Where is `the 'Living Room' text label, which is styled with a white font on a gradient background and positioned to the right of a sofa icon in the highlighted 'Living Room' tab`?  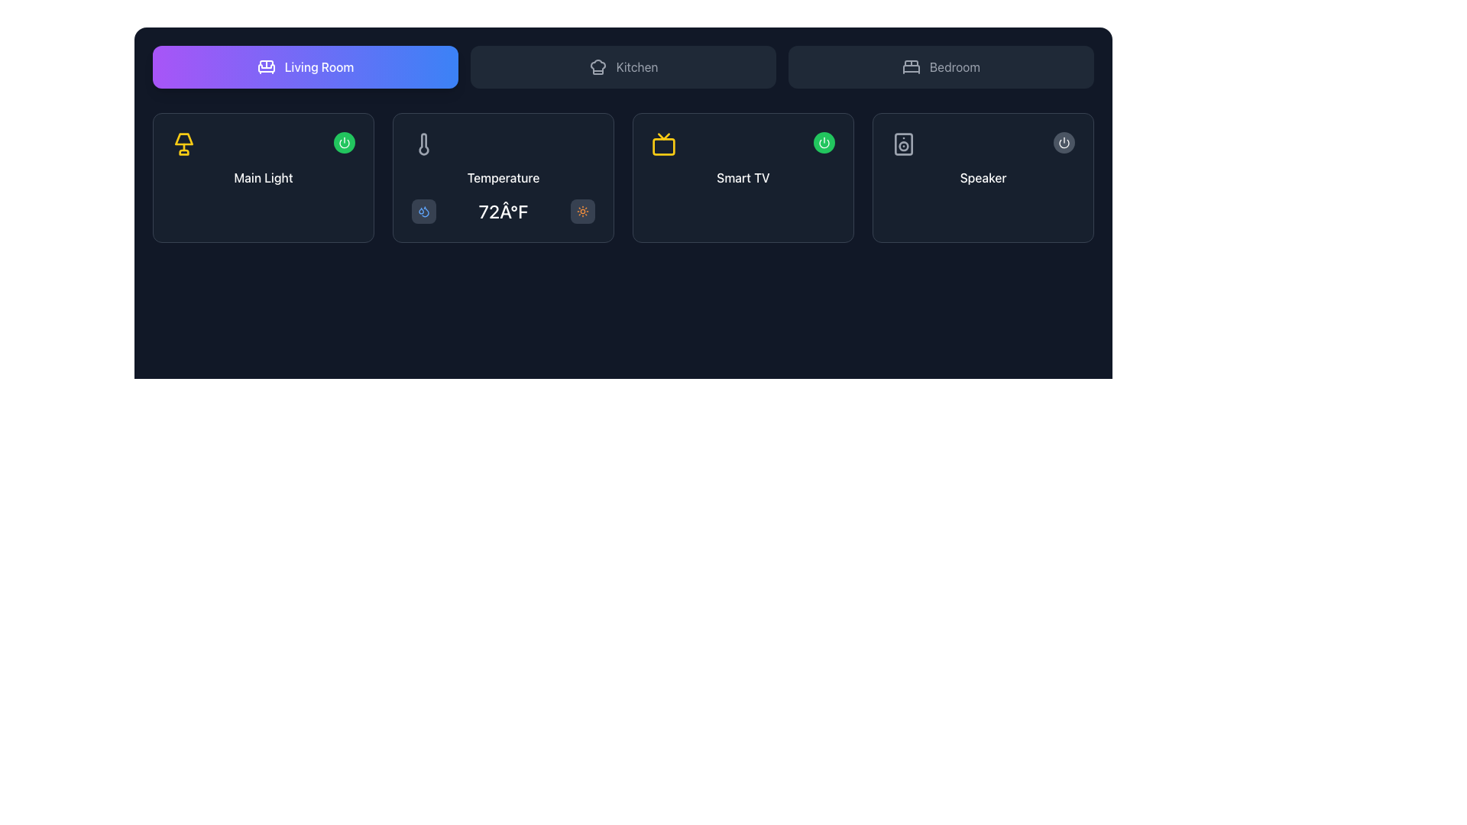 the 'Living Room' text label, which is styled with a white font on a gradient background and positioned to the right of a sofa icon in the highlighted 'Living Room' tab is located at coordinates (318, 66).